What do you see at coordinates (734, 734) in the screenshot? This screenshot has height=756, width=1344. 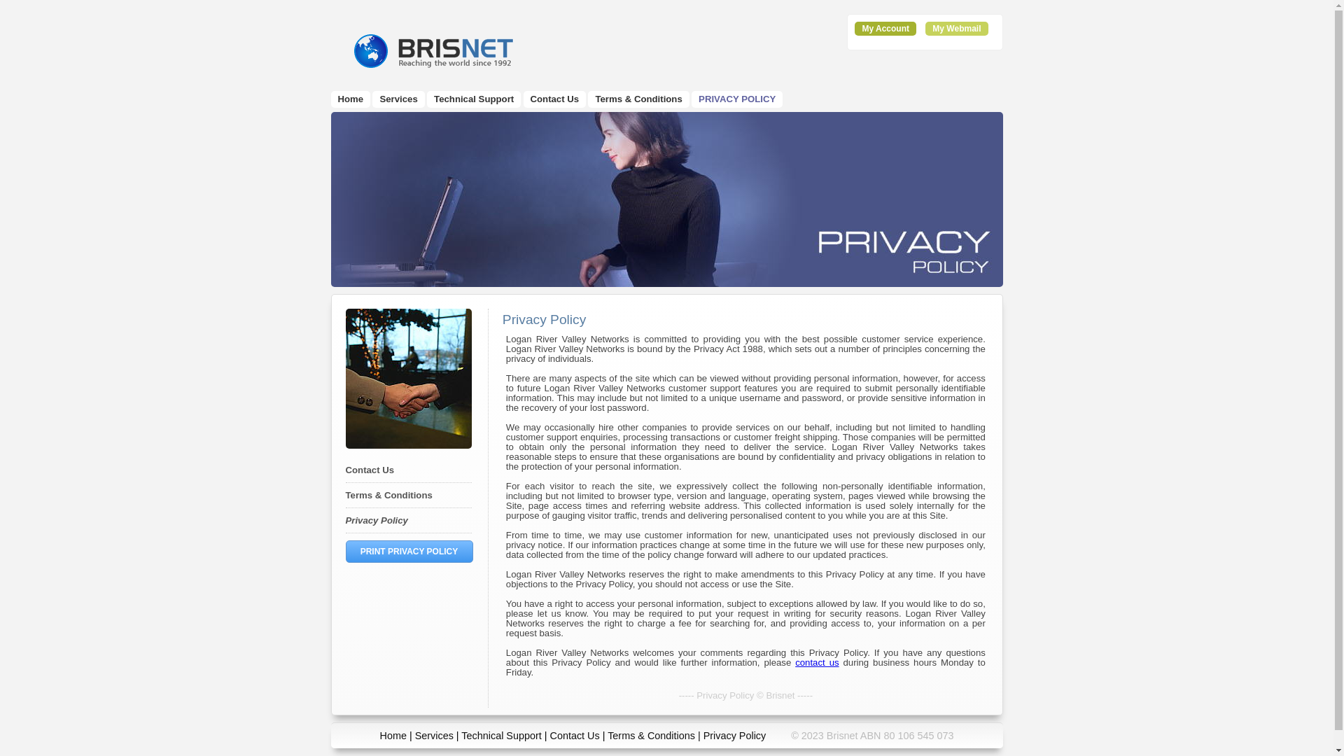 I see `'Privacy Policy'` at bounding box center [734, 734].